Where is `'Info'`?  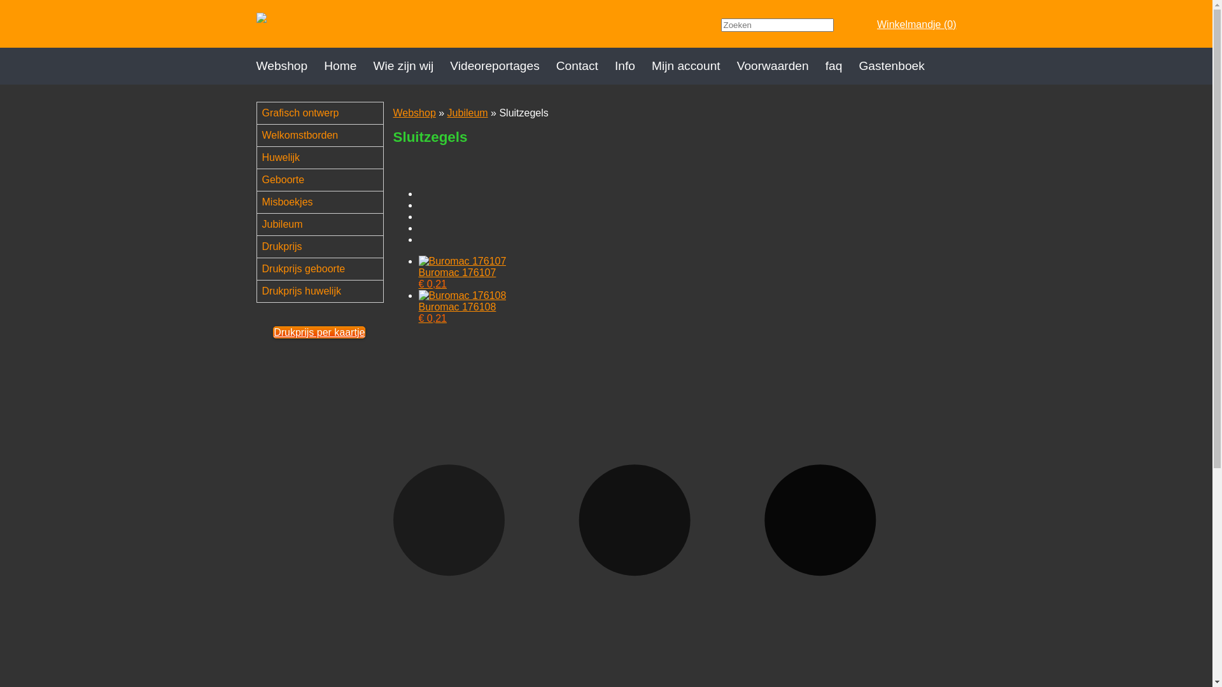 'Info' is located at coordinates (633, 66).